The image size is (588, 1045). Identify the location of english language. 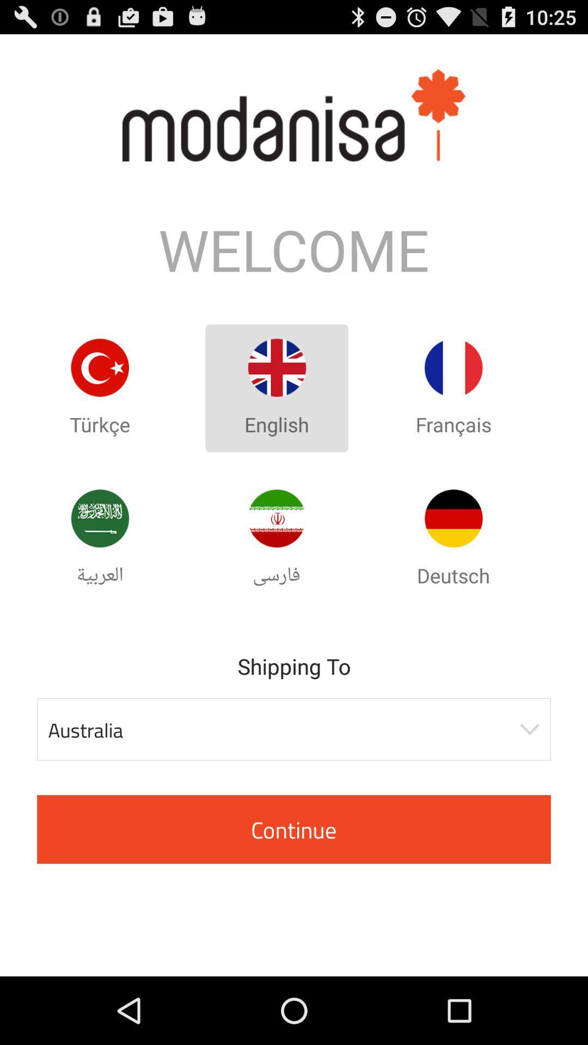
(276, 367).